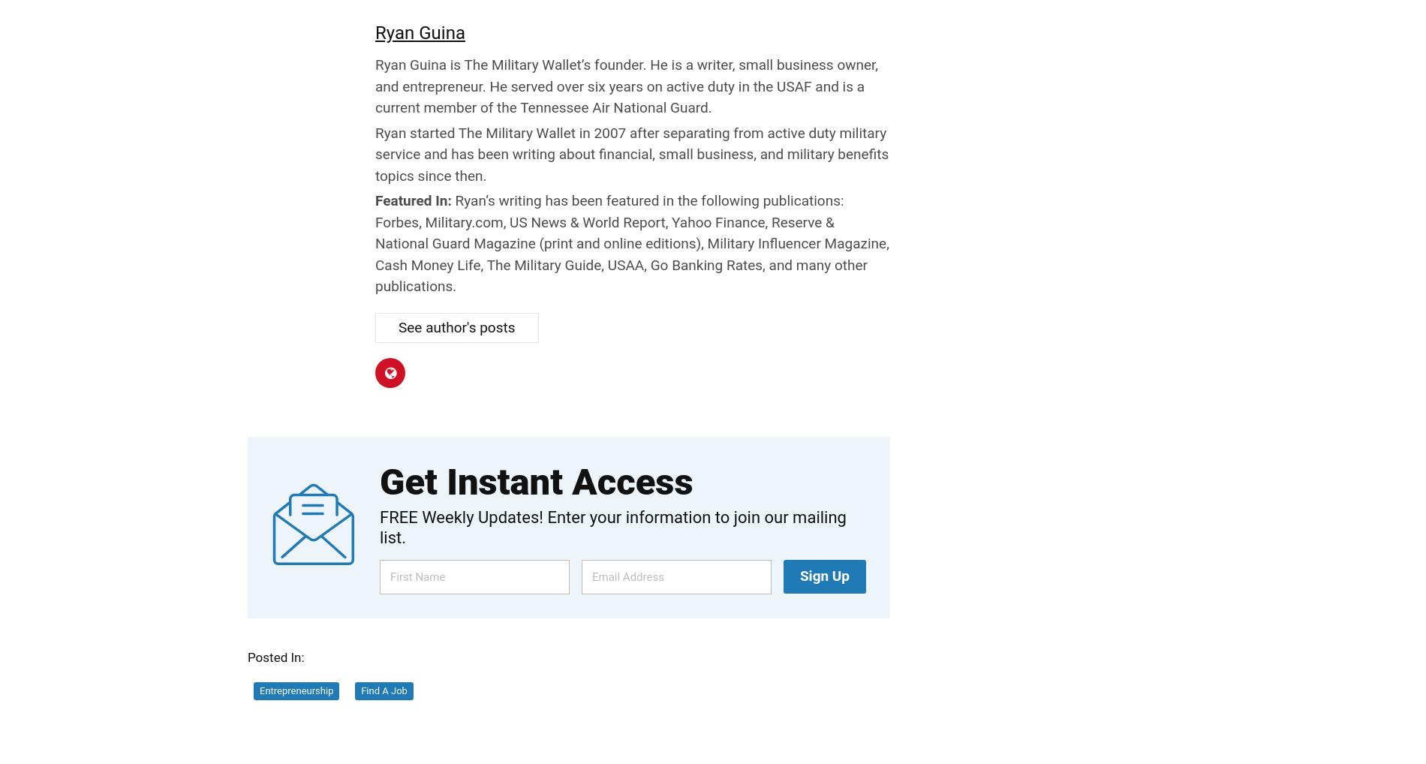 This screenshot has height=764, width=1426. What do you see at coordinates (379, 527) in the screenshot?
I see `'FREE Weekly Updates! Enter your information to join our mailing list.'` at bounding box center [379, 527].